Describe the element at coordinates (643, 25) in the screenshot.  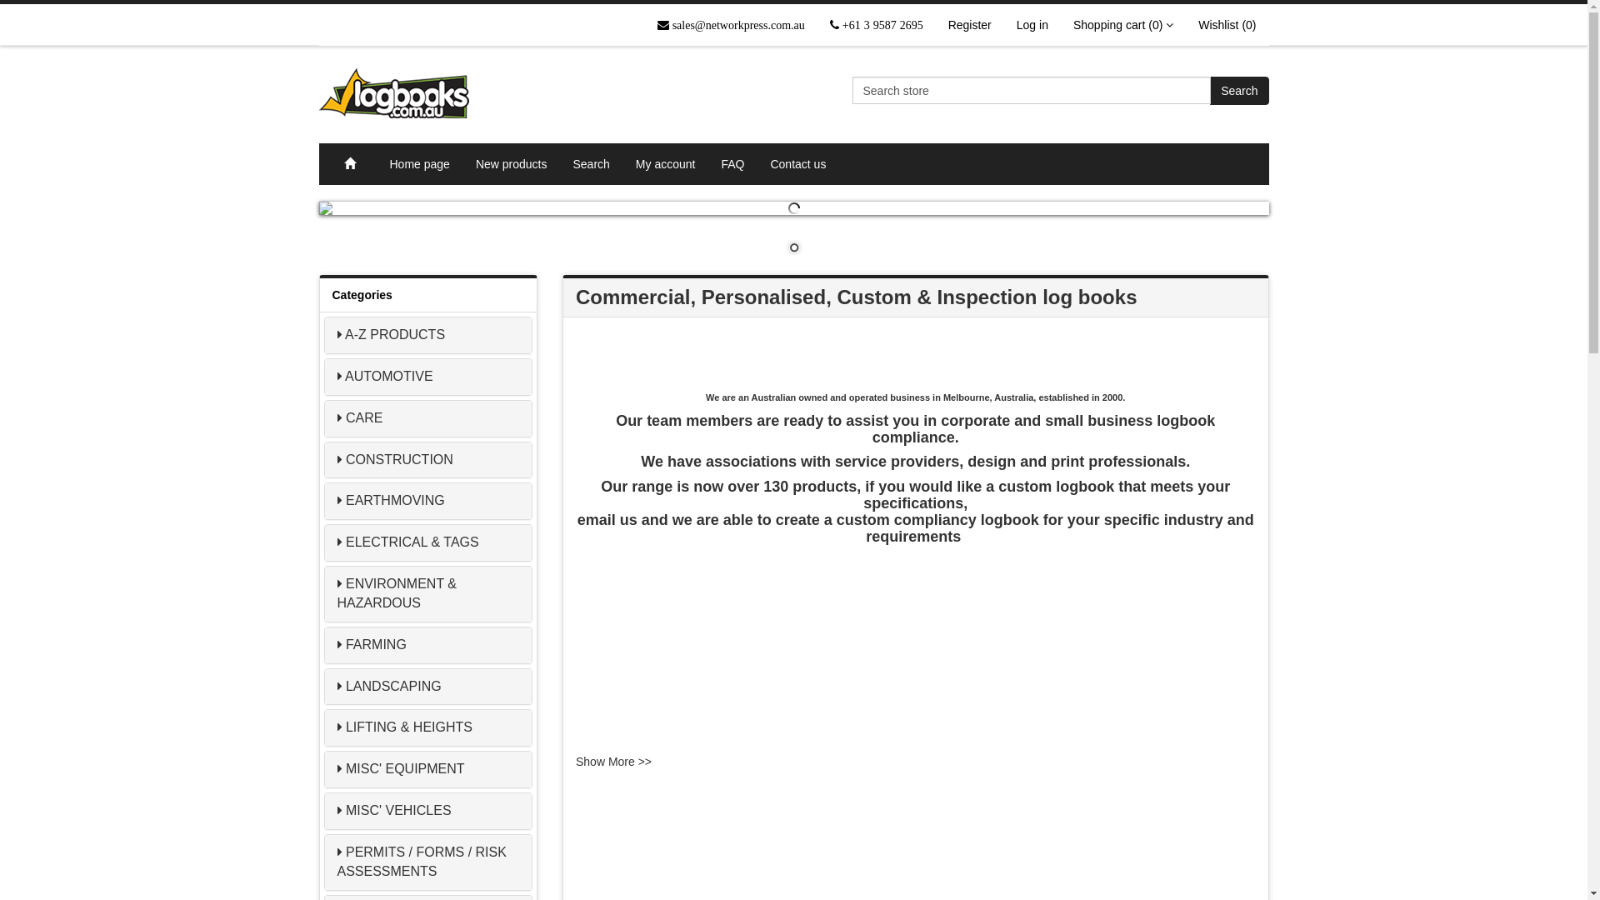
I see `'sales@networkpress.com.au'` at that location.